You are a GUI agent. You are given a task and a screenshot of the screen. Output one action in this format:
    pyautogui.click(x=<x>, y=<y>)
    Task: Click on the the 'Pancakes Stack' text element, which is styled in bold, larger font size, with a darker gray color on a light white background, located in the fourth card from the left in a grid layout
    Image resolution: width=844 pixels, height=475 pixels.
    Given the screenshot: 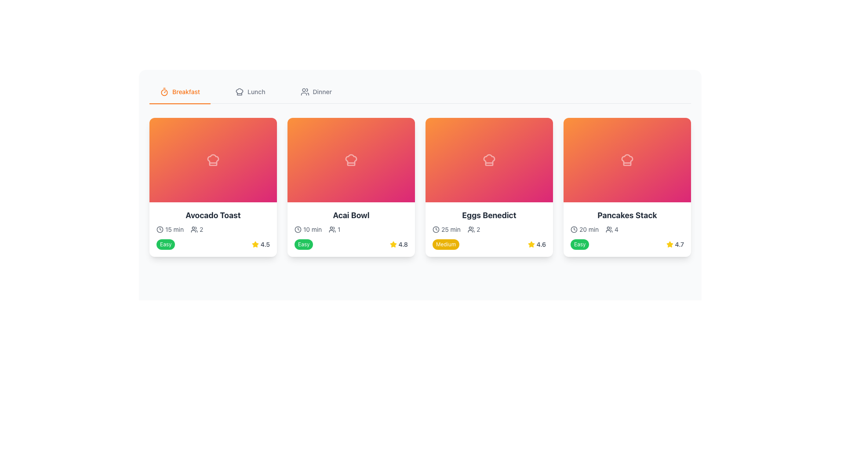 What is the action you would take?
    pyautogui.click(x=626, y=215)
    